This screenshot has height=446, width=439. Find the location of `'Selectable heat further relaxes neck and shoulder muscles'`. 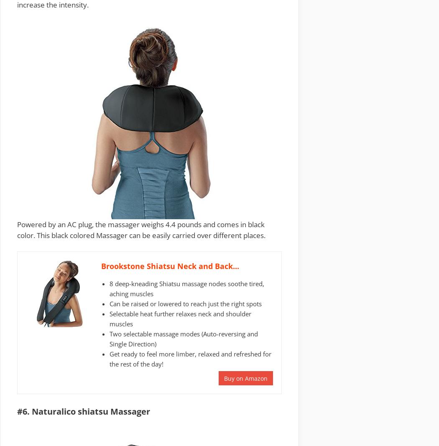

'Selectable heat further relaxes neck and shoulder muscles' is located at coordinates (180, 318).